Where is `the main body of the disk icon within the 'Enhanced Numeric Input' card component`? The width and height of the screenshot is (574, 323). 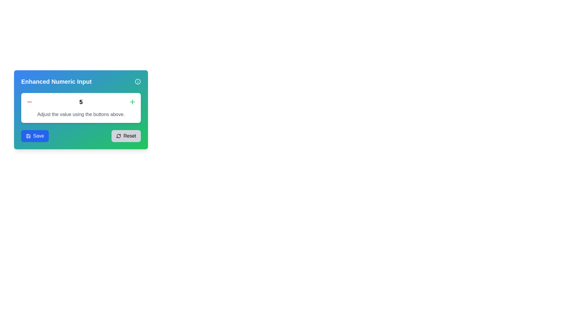
the main body of the disk icon within the 'Enhanced Numeric Input' card component is located at coordinates (28, 136).